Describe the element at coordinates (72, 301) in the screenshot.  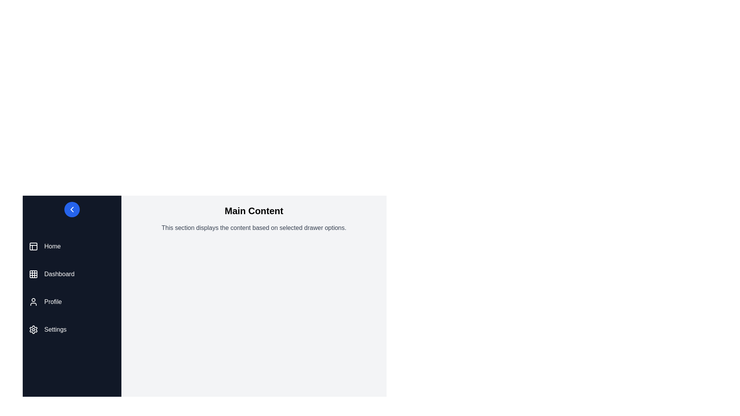
I see `the menu item Profile` at that location.